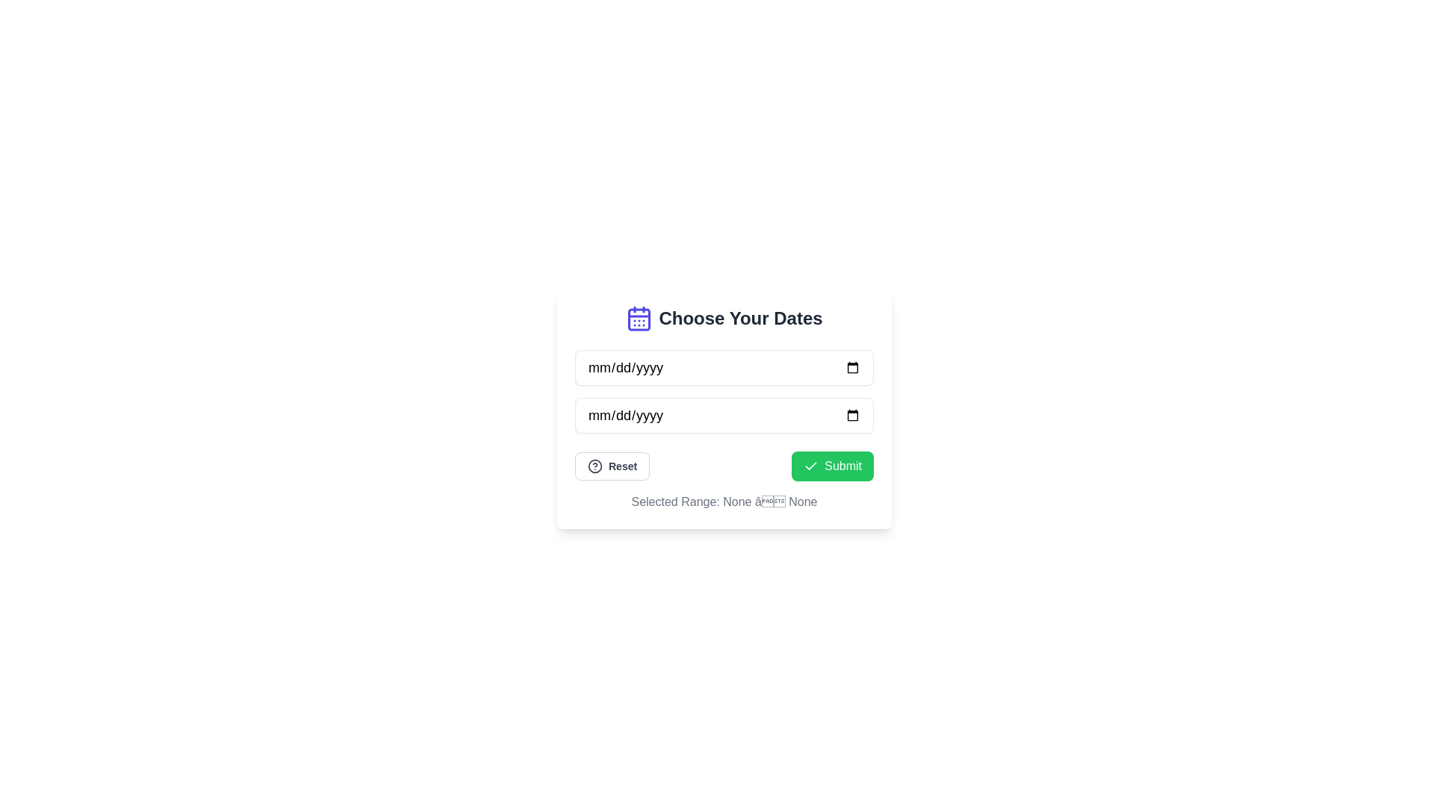  I want to click on the green circular checkmark icon with a white check symbol inside, located within the larger green 'Submit' button, so click(810, 465).